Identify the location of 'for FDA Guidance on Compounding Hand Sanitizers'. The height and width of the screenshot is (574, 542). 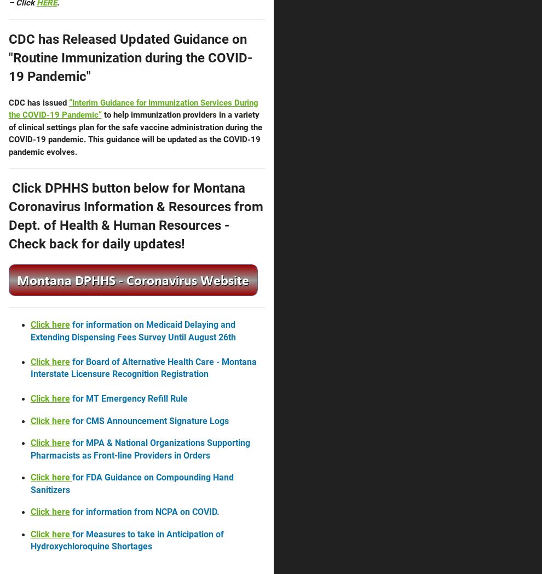
(30, 483).